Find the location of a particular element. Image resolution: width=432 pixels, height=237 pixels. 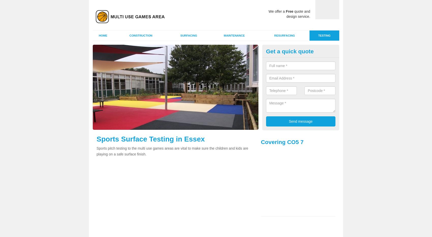

'Testing' is located at coordinates (318, 35).